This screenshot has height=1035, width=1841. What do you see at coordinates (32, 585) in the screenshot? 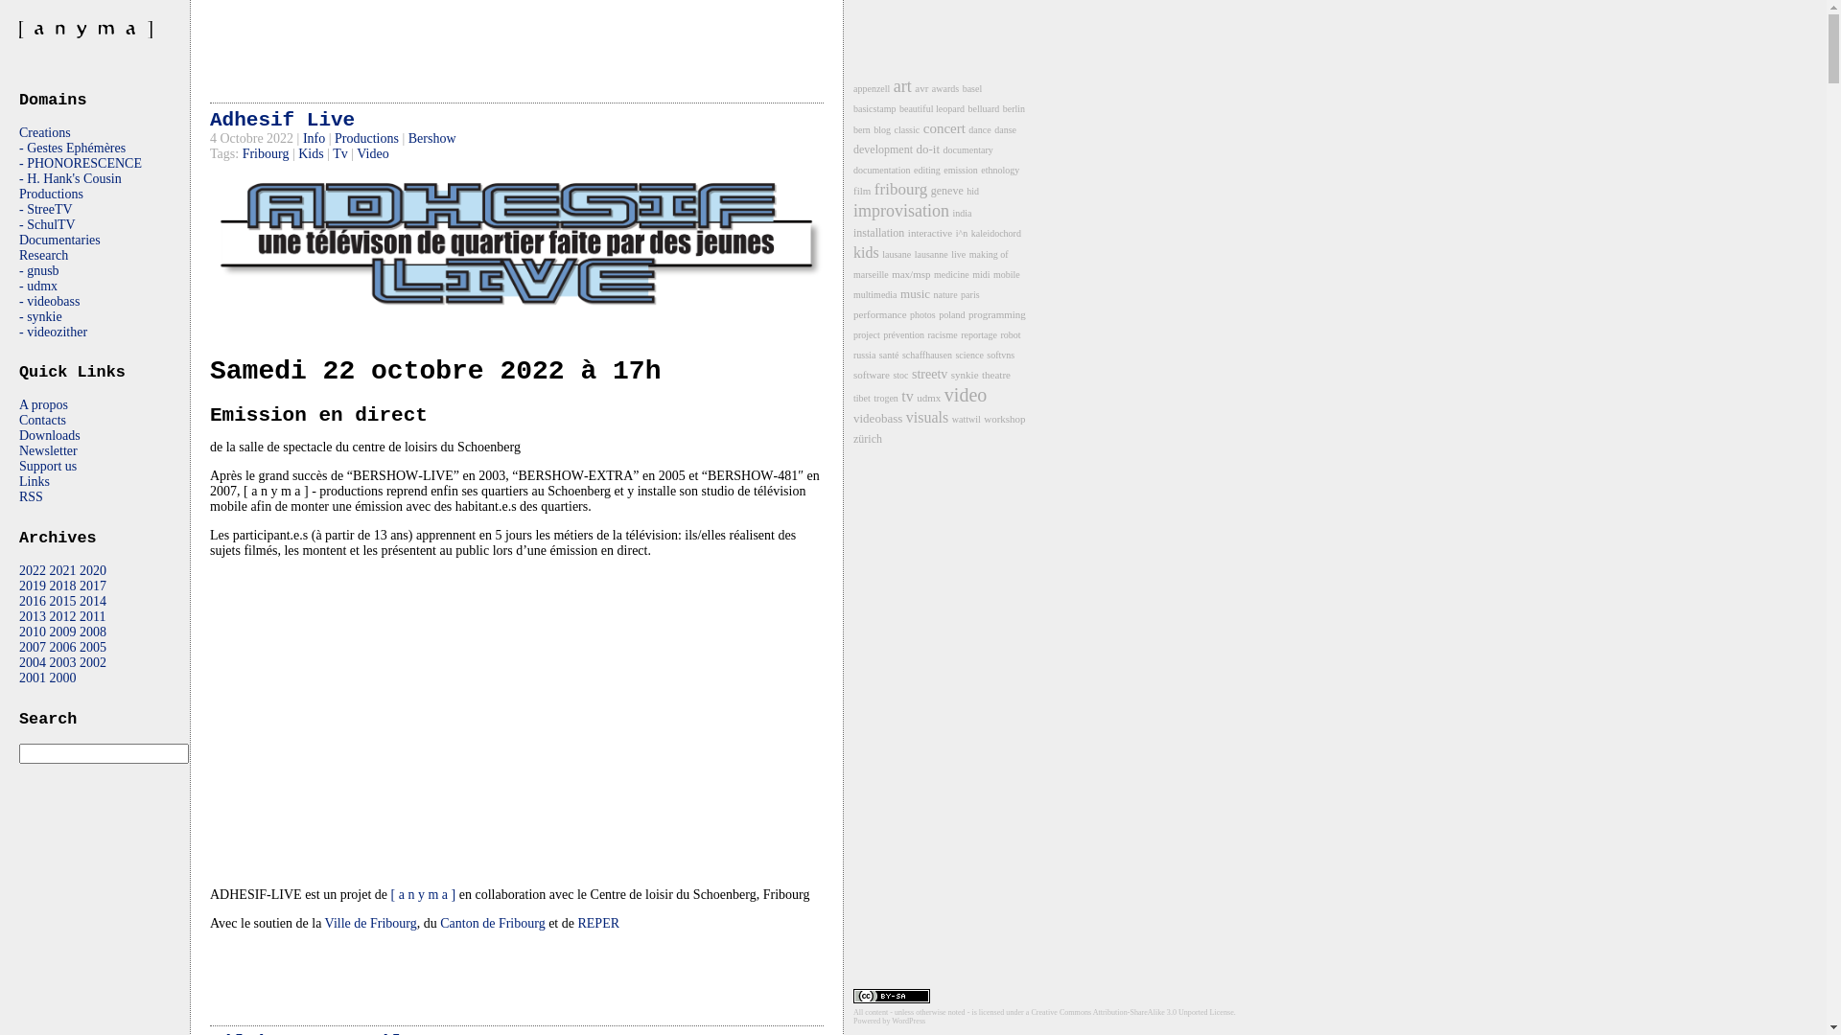
I see `'2019'` at bounding box center [32, 585].